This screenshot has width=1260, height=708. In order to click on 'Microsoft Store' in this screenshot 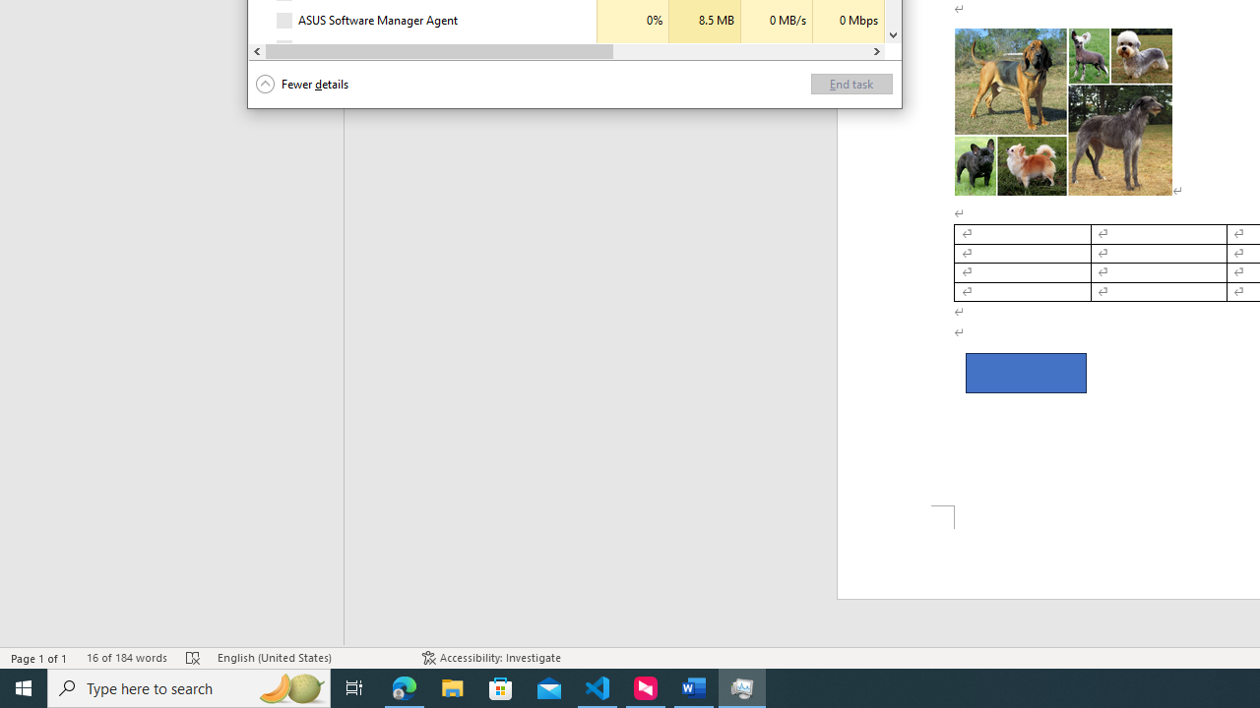, I will do `click(501, 686)`.